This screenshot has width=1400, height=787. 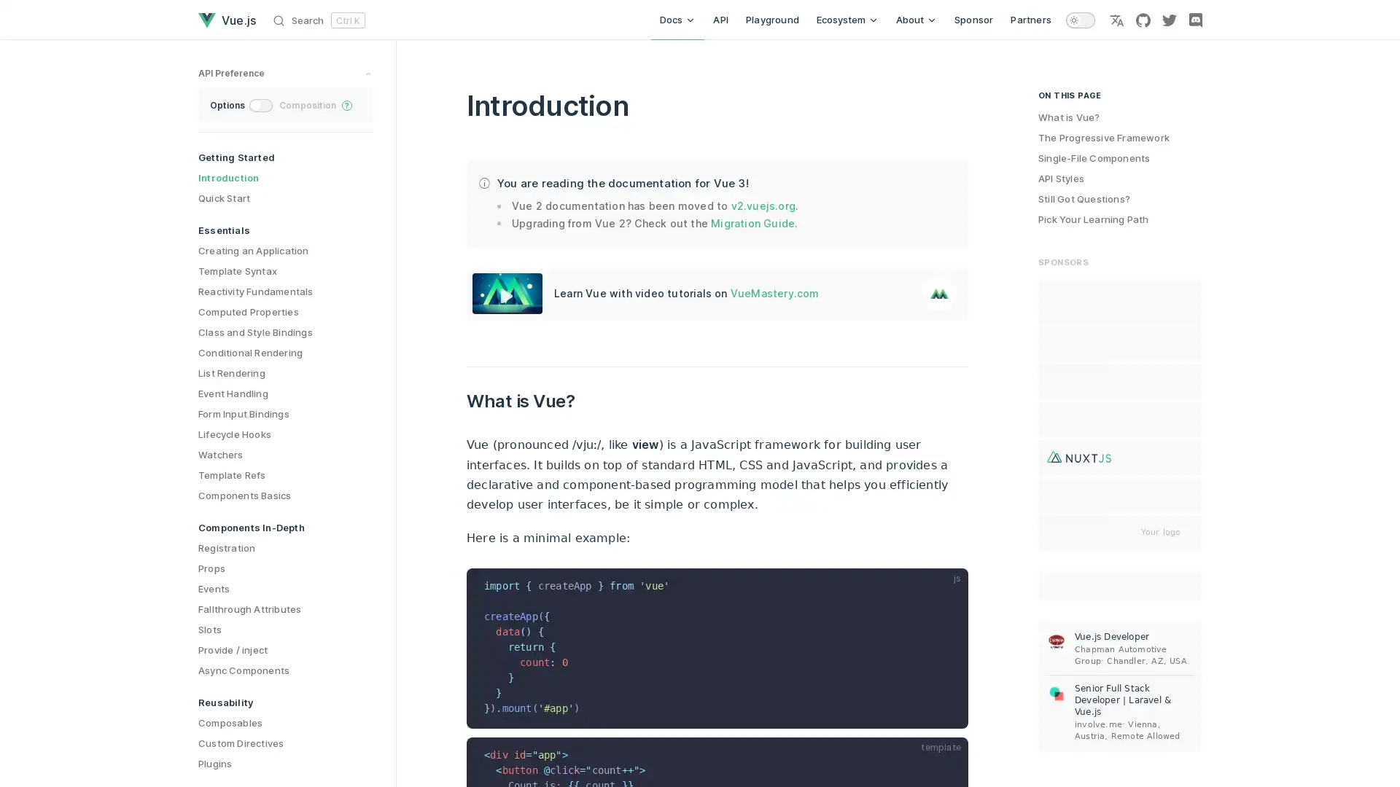 What do you see at coordinates (285, 74) in the screenshot?
I see `preference switches toggle` at bounding box center [285, 74].